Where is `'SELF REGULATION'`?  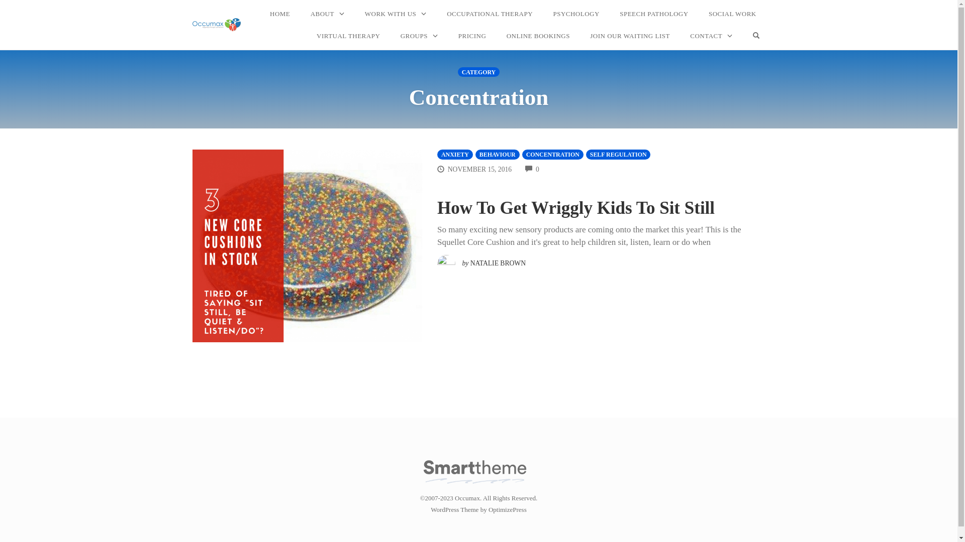
'SELF REGULATION' is located at coordinates (618, 154).